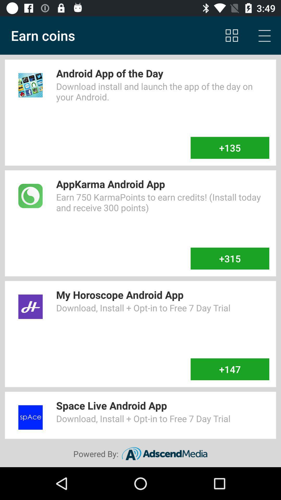 The image size is (281, 500). Describe the element at coordinates (229, 369) in the screenshot. I see `the +147` at that location.